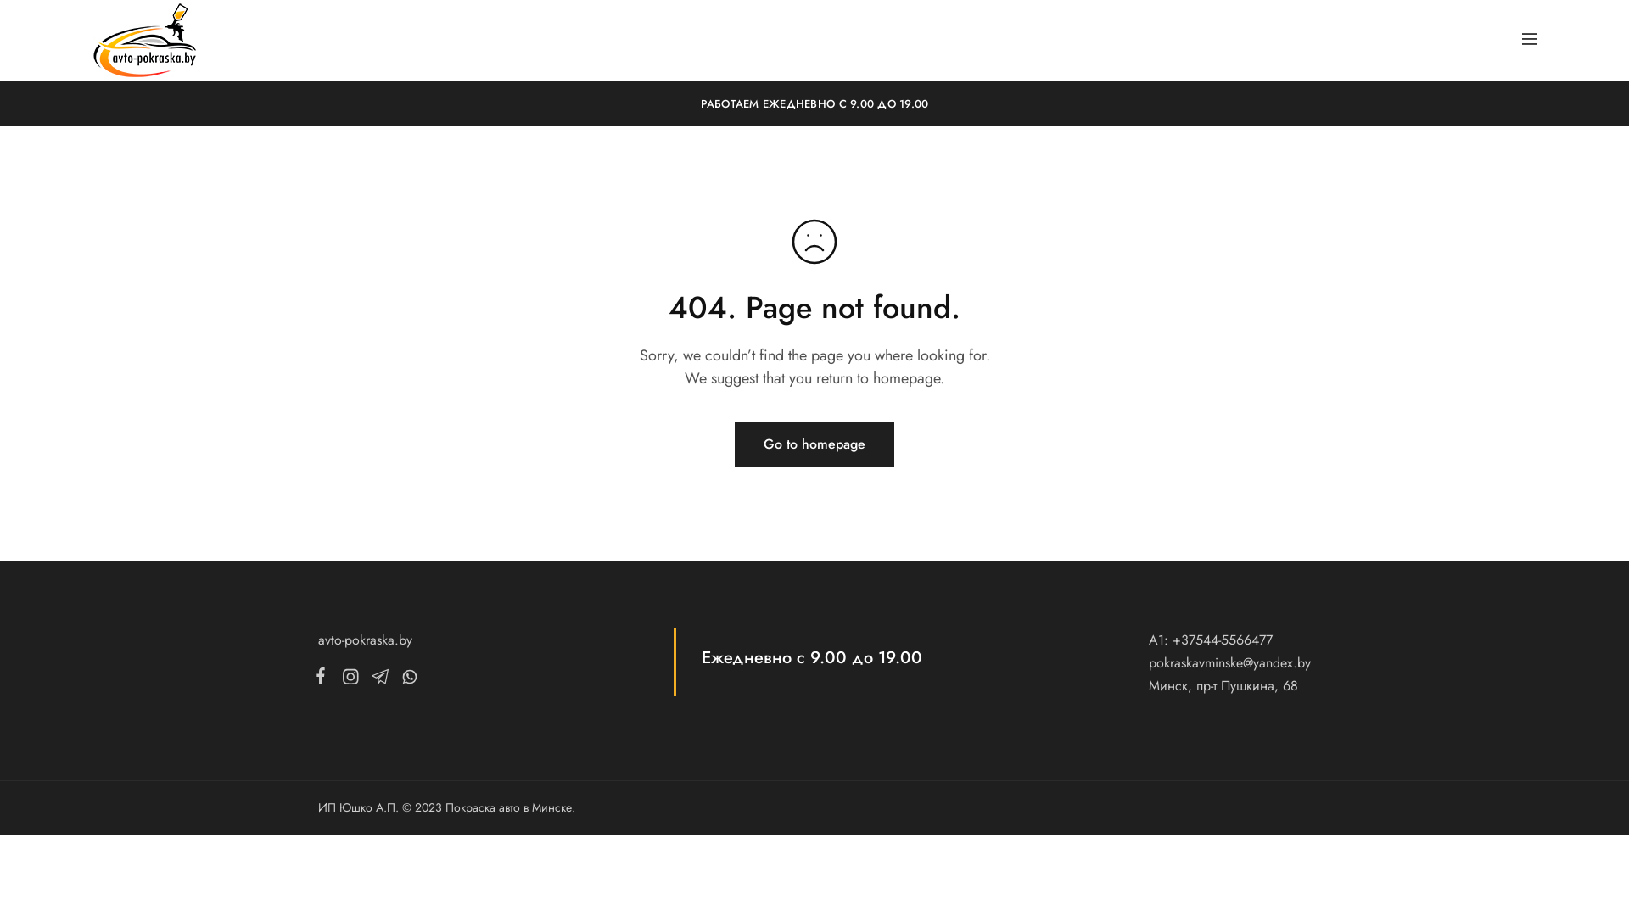  I want to click on 'avto-pokraska.by', so click(91, 52).